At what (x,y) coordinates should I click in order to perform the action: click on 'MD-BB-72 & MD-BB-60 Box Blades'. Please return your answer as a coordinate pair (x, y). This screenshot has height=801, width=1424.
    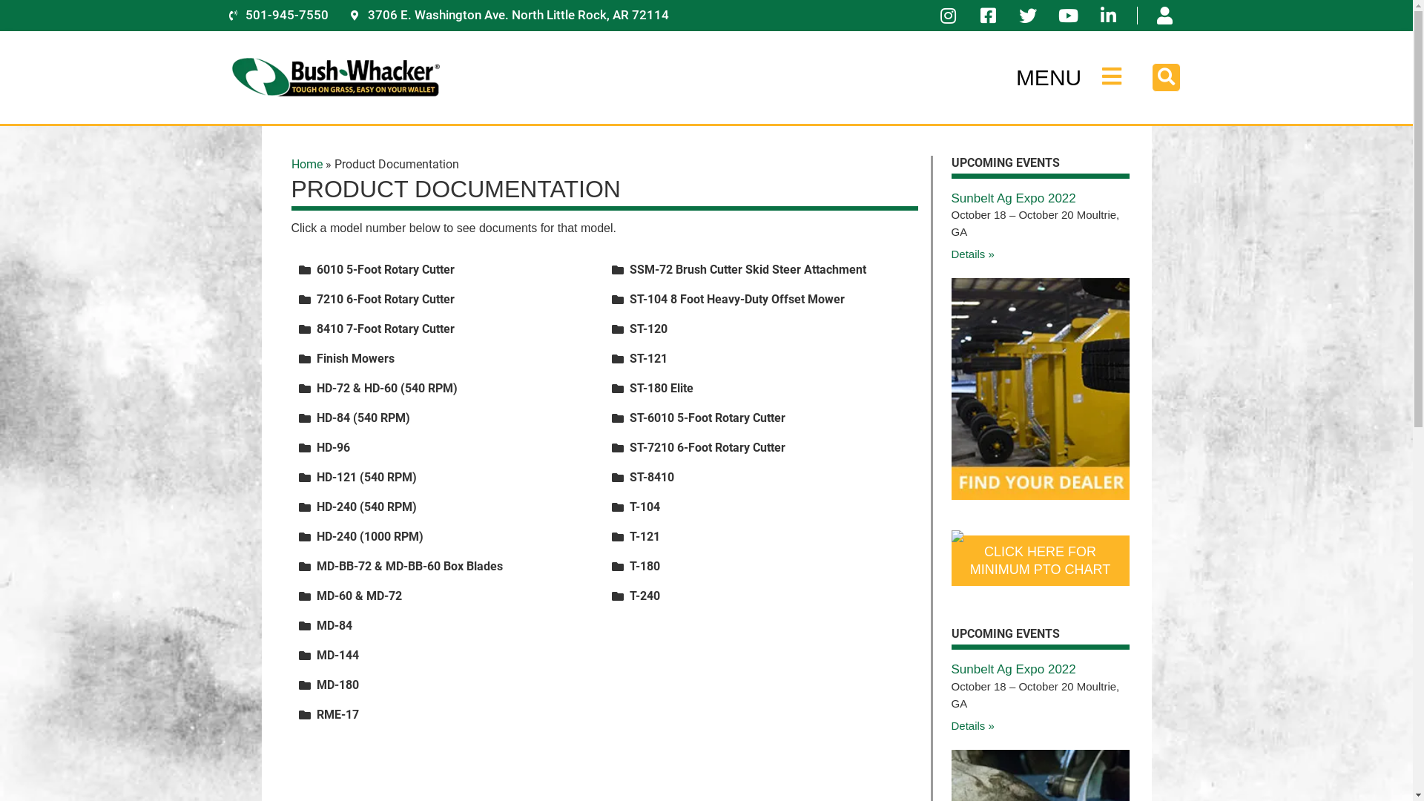
    Looking at the image, I should click on (409, 566).